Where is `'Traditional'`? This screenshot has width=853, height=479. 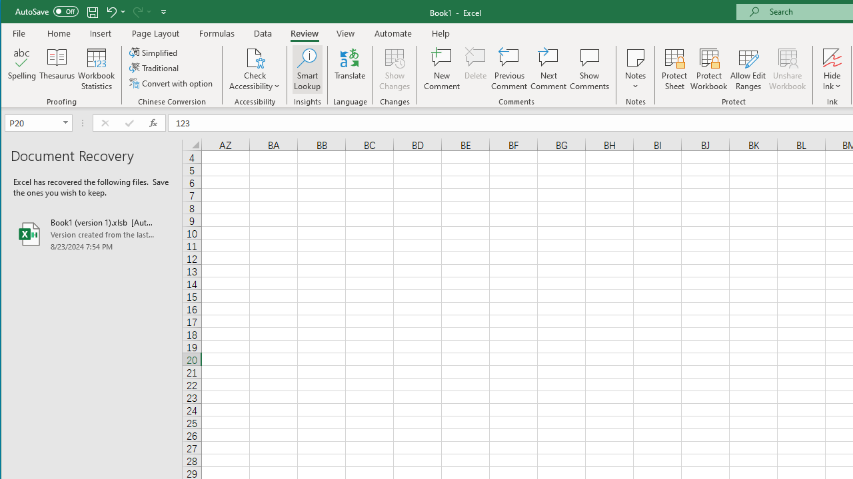
'Traditional' is located at coordinates (155, 68).